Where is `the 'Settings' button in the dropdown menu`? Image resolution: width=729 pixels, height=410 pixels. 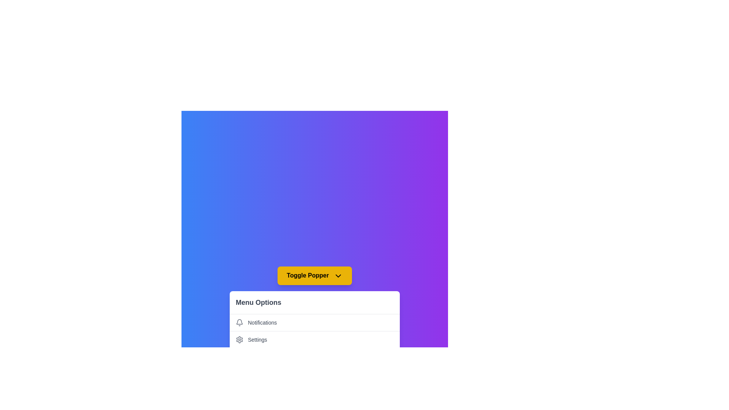
the 'Settings' button in the dropdown menu is located at coordinates (315, 339).